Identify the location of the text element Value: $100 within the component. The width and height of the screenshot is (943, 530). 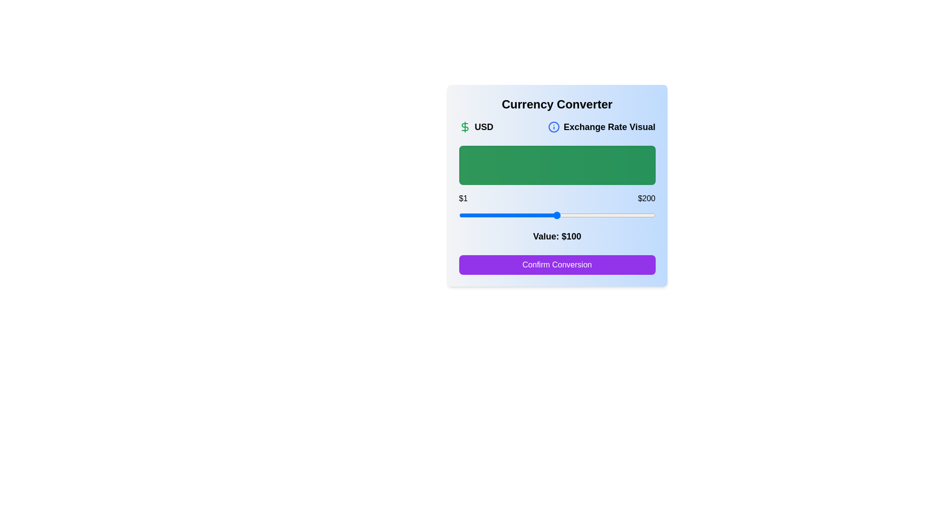
(557, 237).